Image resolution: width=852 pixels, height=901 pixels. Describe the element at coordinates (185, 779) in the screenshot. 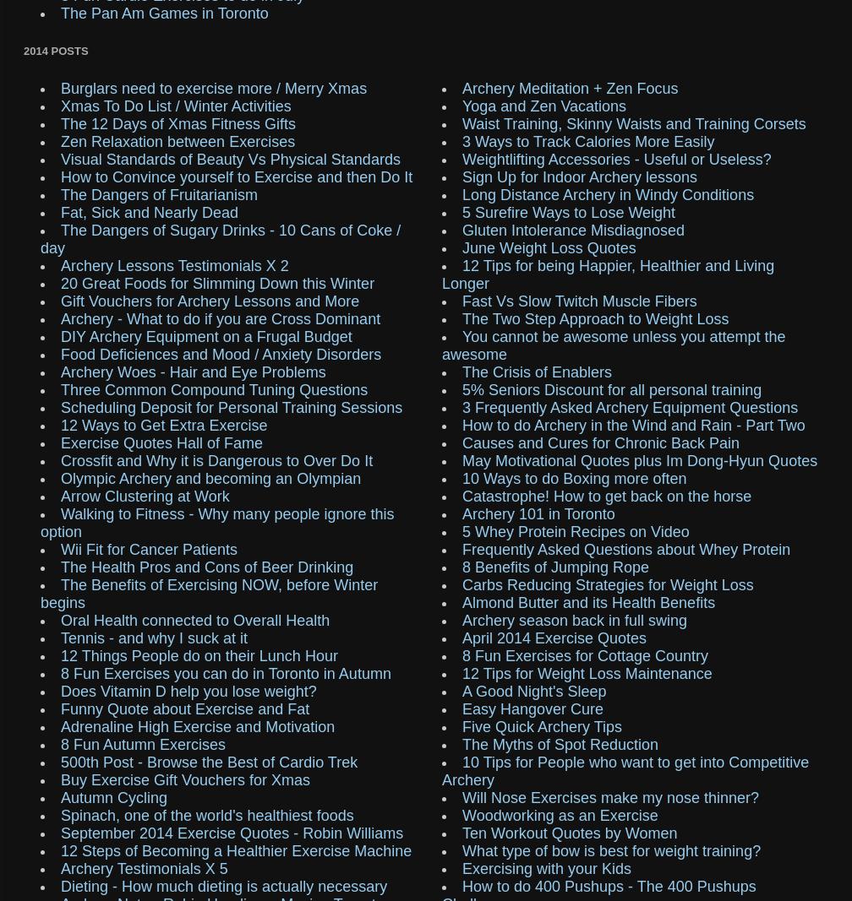

I see `'Buy Exercise Gift Vouchers for Xmas'` at that location.